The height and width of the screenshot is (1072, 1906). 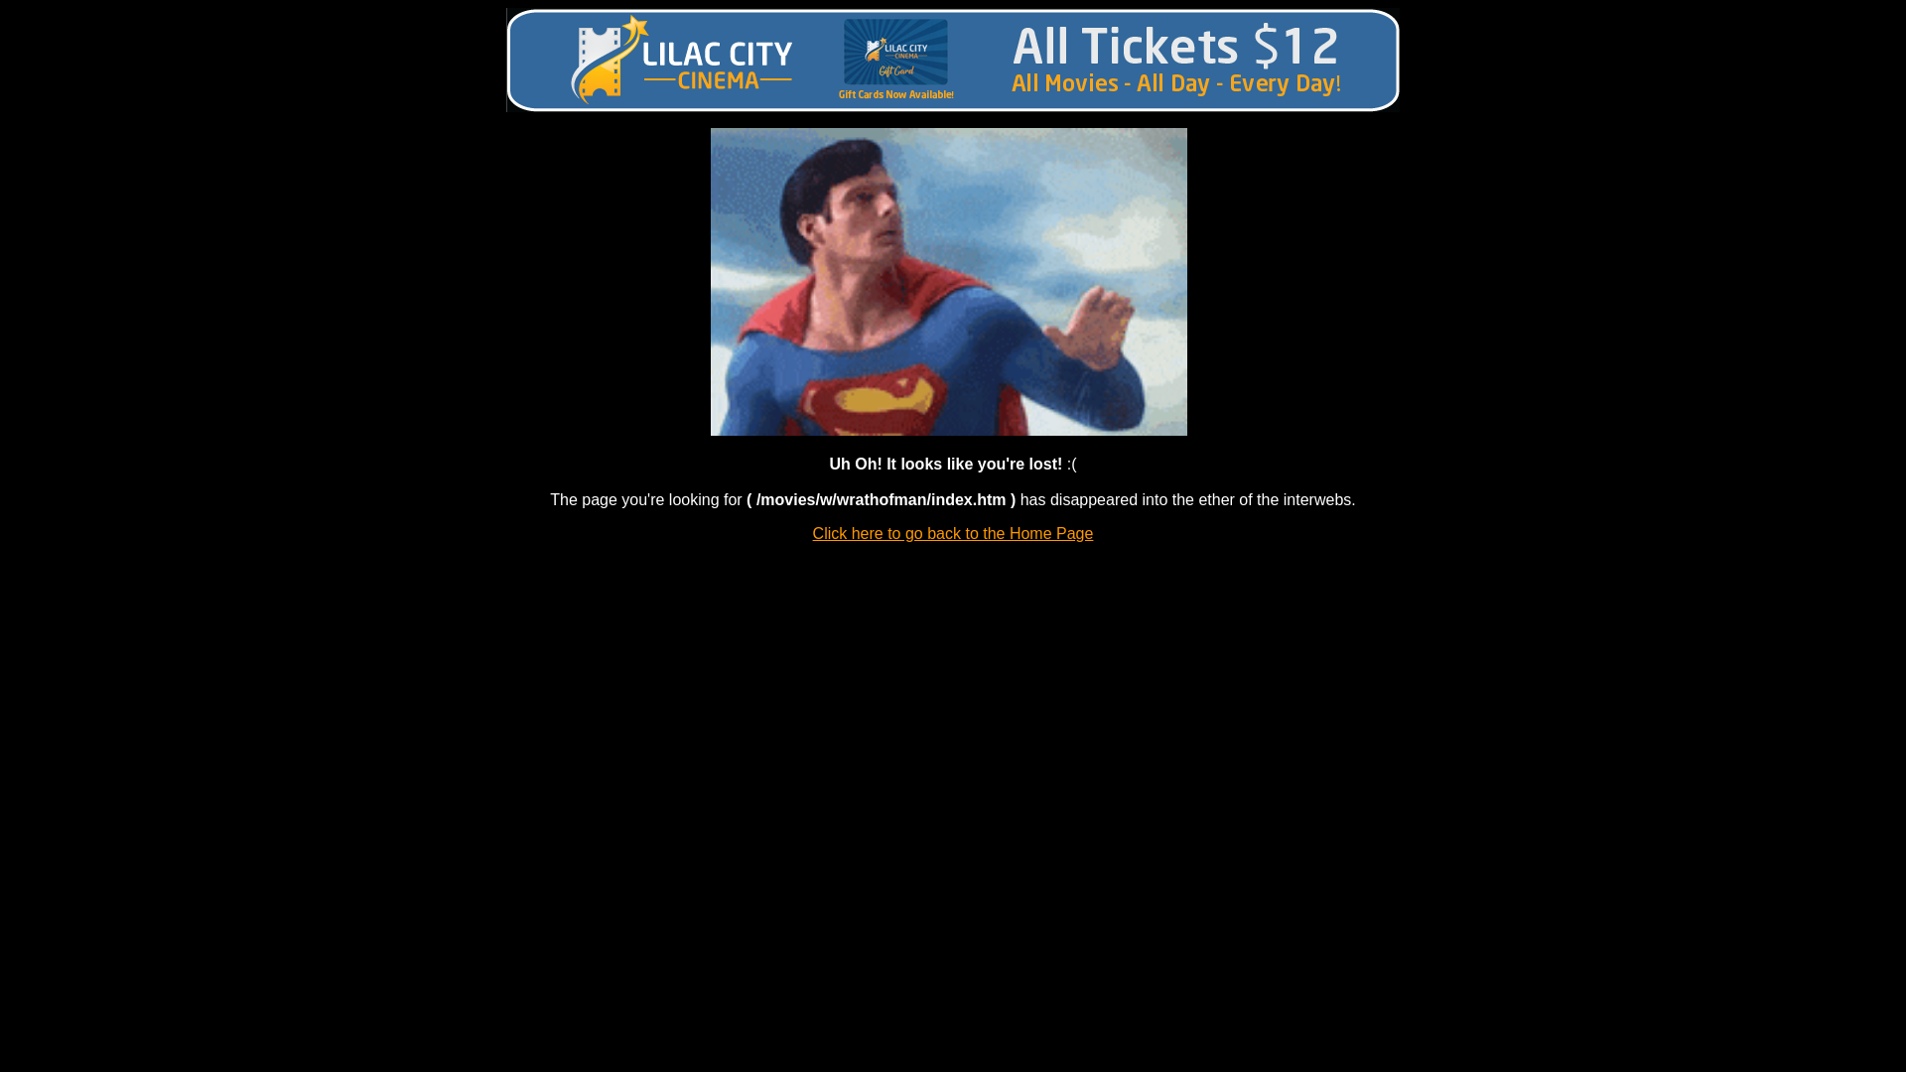 I want to click on 'Click here to go back to the Home Page', so click(x=953, y=532).